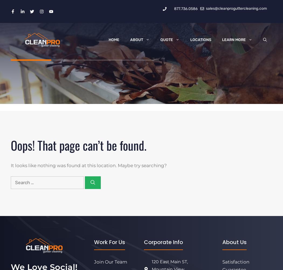  What do you see at coordinates (234, 40) in the screenshot?
I see `'Learn More'` at bounding box center [234, 40].